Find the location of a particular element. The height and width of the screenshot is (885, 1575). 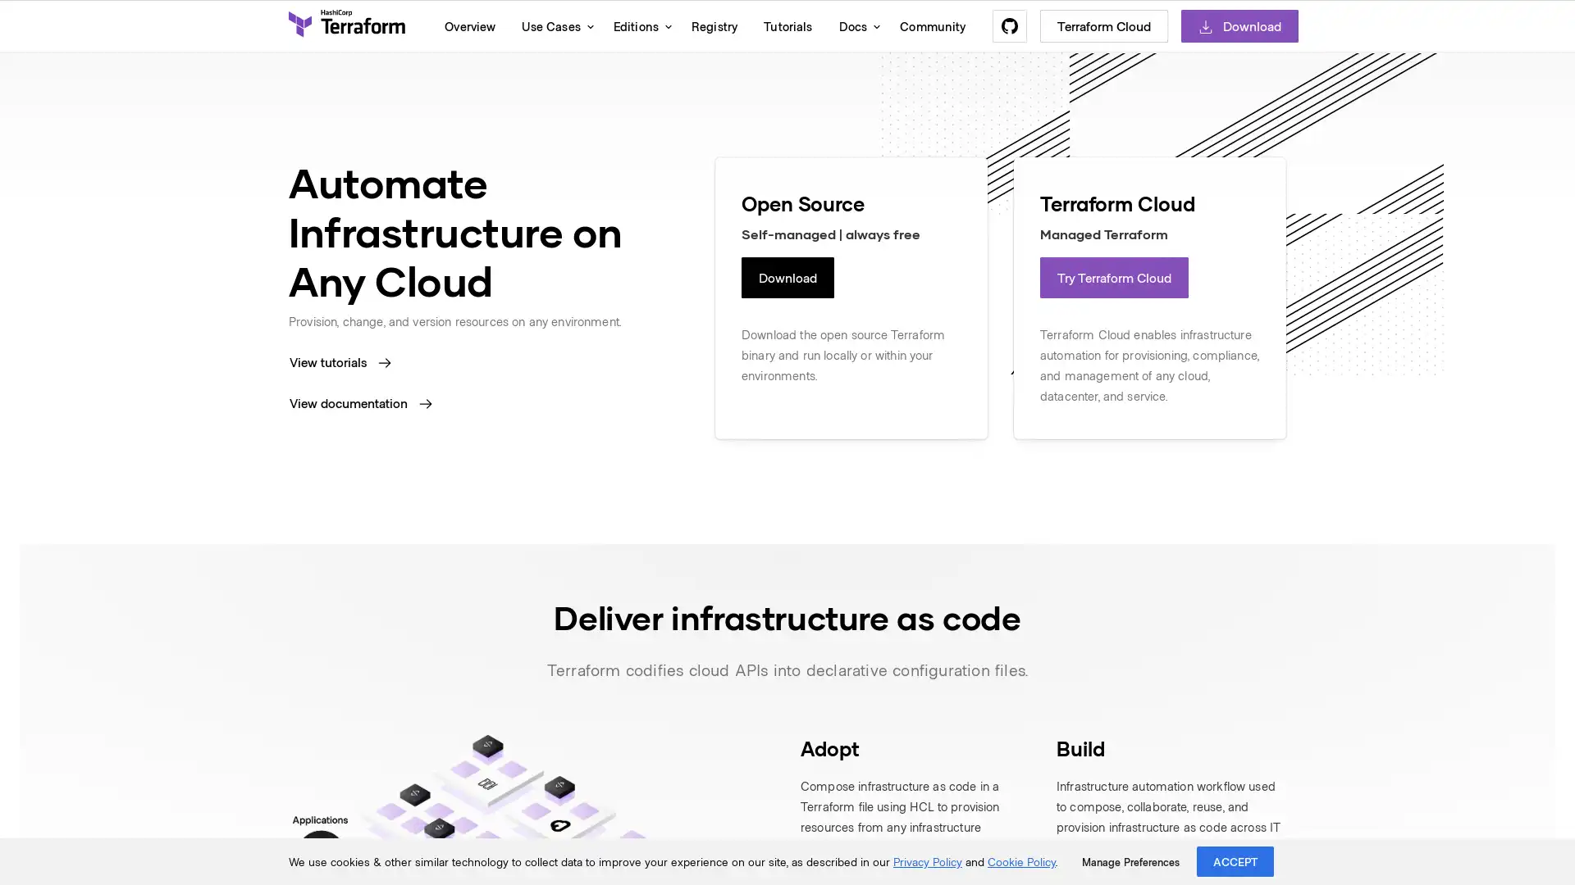

Editions is located at coordinates (637, 25).